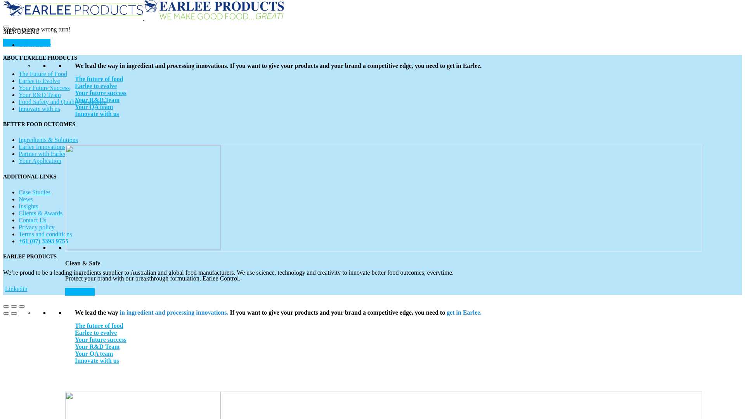 This screenshot has height=419, width=745. What do you see at coordinates (6, 313) in the screenshot?
I see `'Previous (arrow left)'` at bounding box center [6, 313].